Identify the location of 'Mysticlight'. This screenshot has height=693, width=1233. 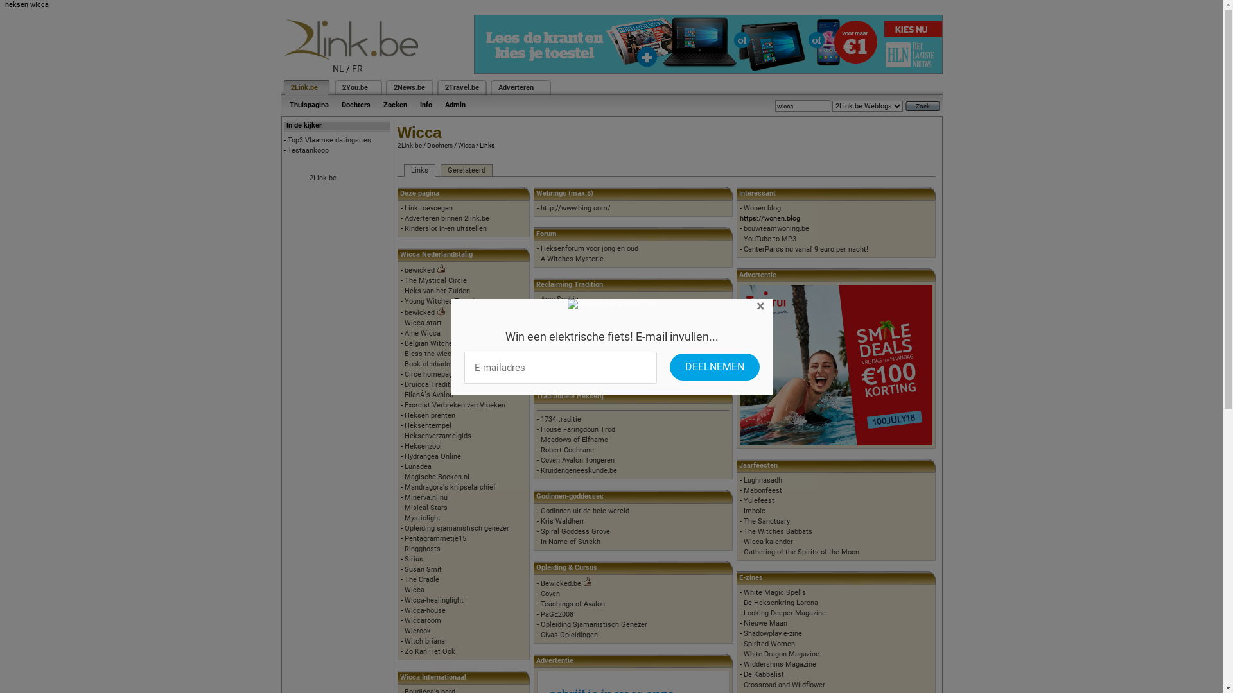
(403, 517).